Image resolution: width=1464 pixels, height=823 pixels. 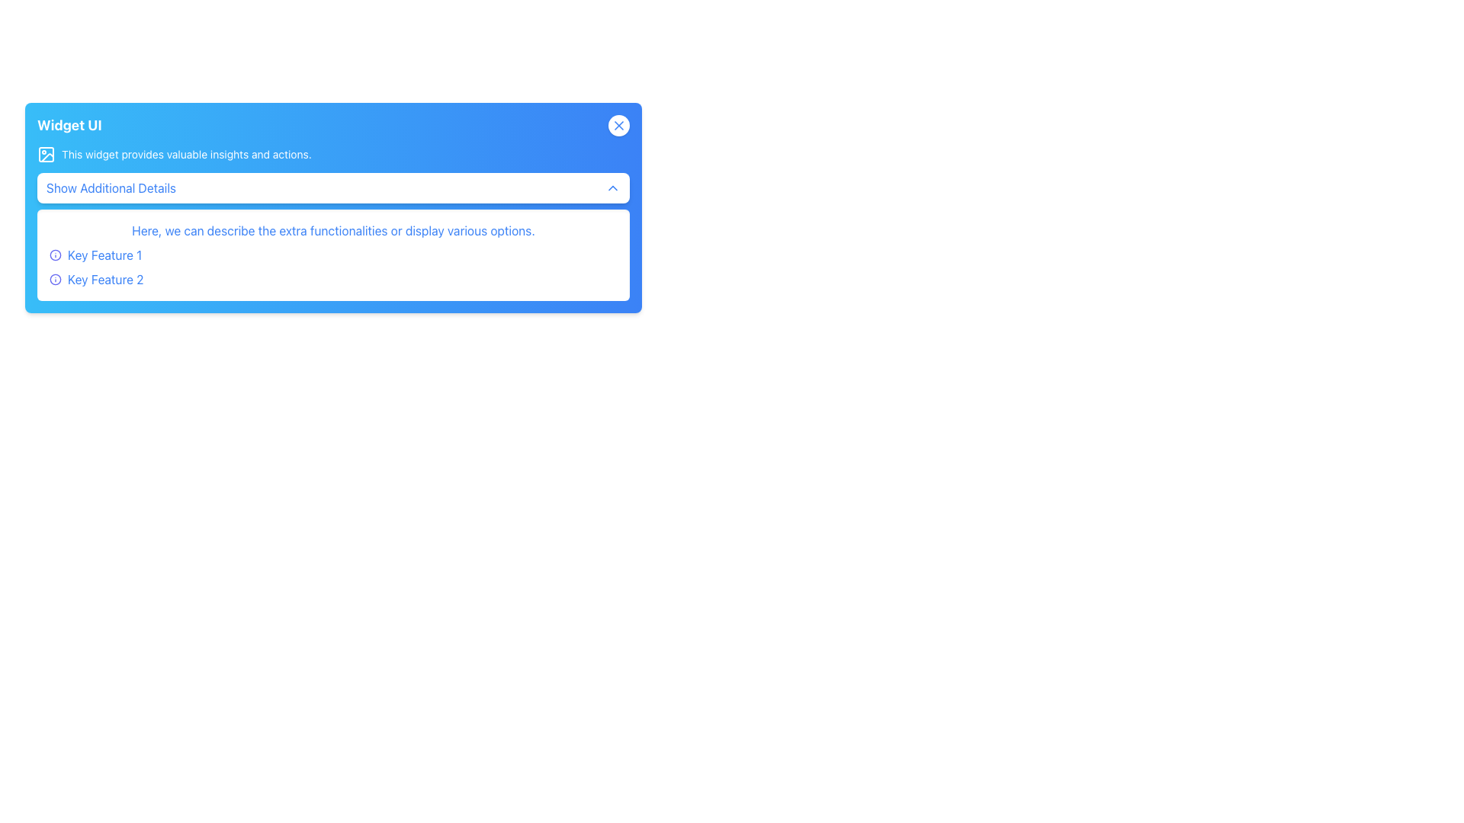 I want to click on static text content that states 'This widget provides valuable insights and actions.' which is positioned above the 'Show Additional Details' button in the 'Widget UI' widget, so click(x=332, y=223).